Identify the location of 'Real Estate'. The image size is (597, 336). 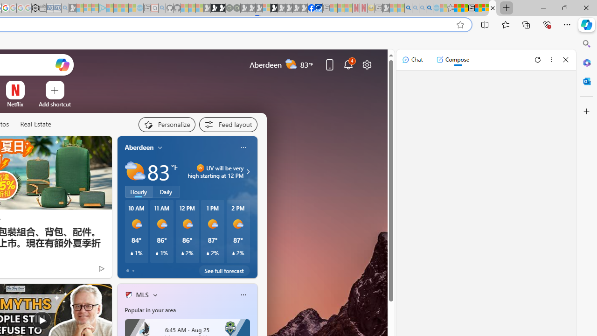
(35, 124).